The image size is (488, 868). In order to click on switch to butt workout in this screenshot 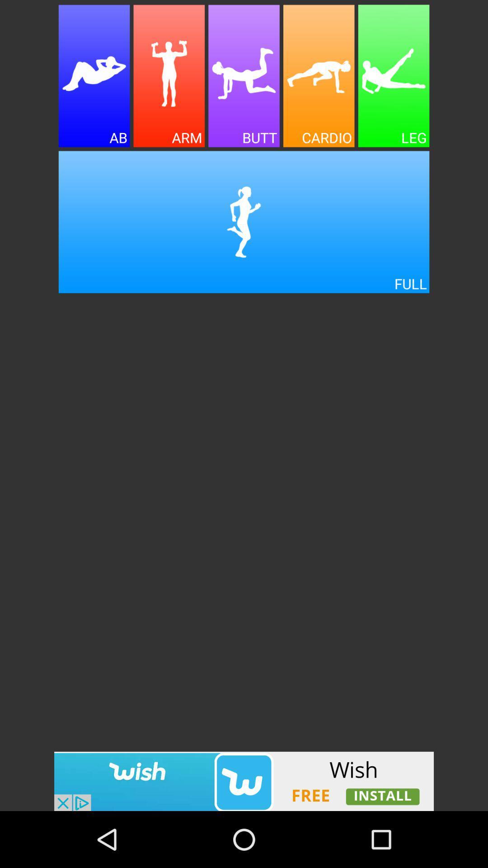, I will do `click(244, 76)`.